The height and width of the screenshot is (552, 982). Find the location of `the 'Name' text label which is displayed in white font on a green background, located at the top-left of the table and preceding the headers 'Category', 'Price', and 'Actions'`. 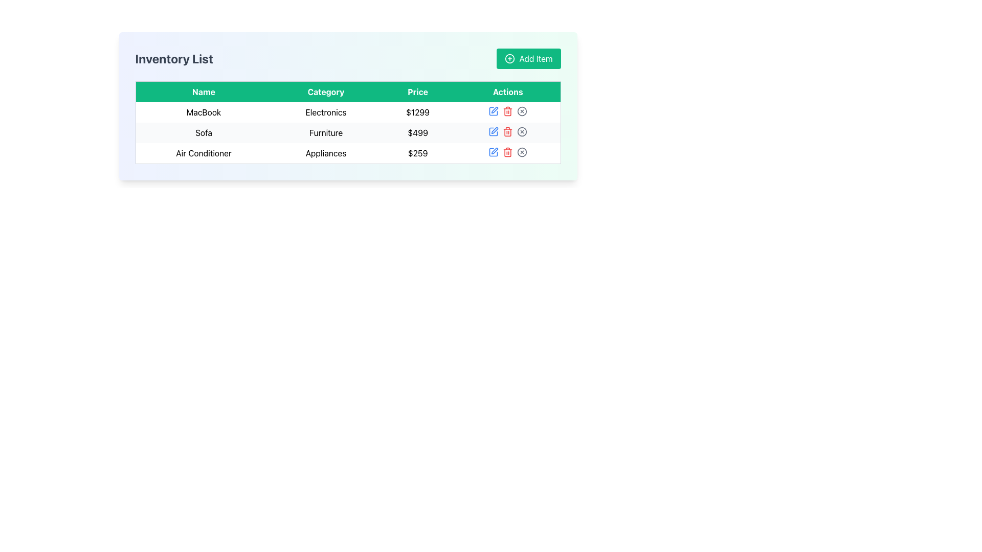

the 'Name' text label which is displayed in white font on a green background, located at the top-left of the table and preceding the headers 'Category', 'Price', and 'Actions' is located at coordinates (204, 91).